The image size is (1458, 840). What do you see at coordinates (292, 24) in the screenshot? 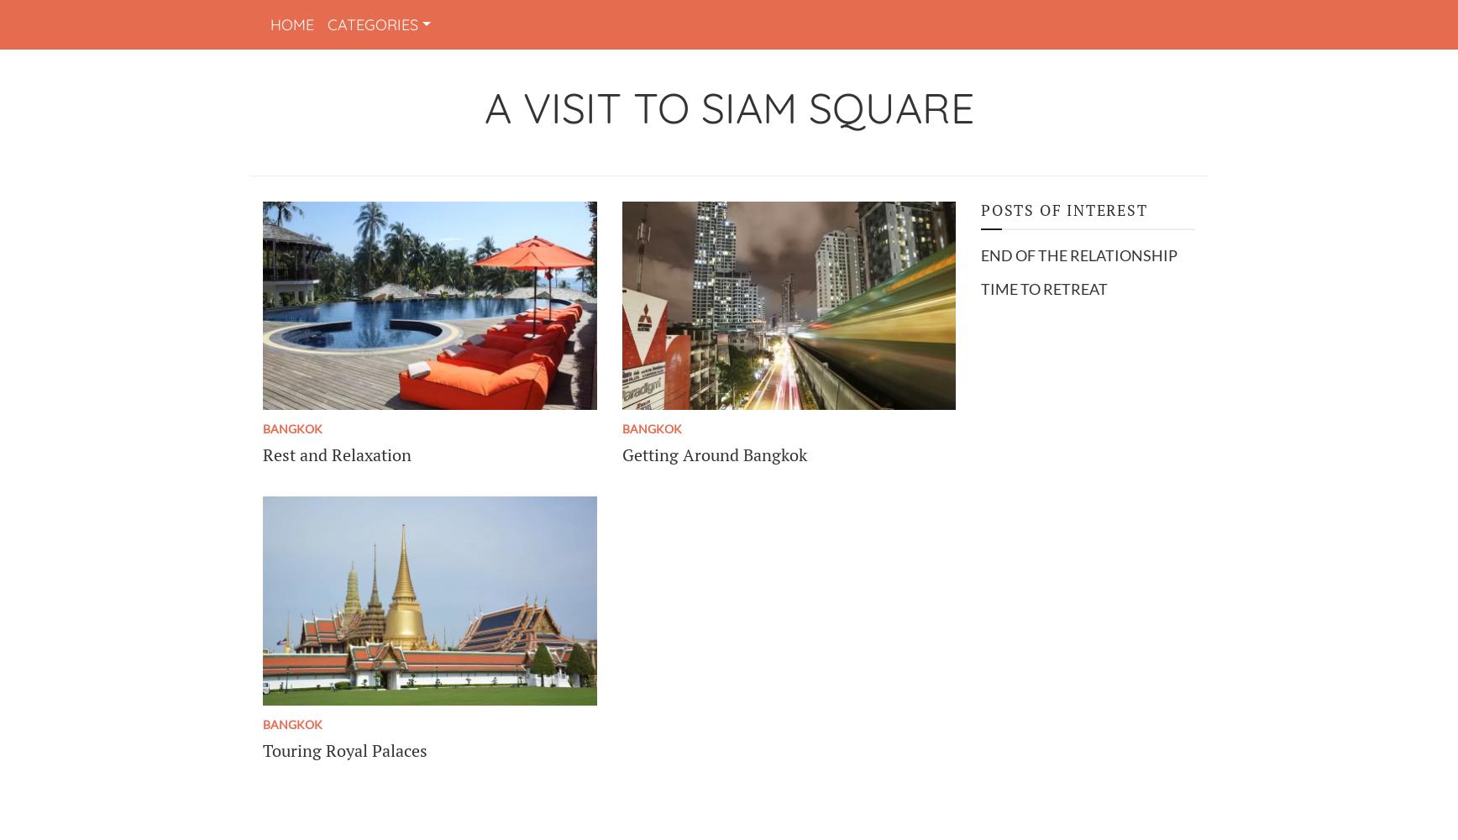
I see `'Home'` at bounding box center [292, 24].